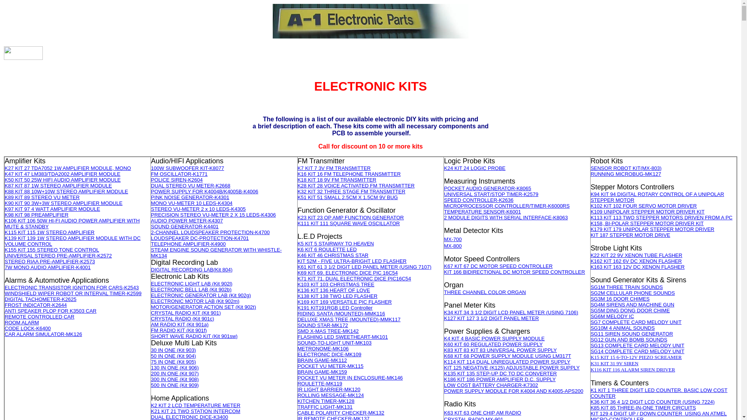  What do you see at coordinates (334, 342) in the screenshot?
I see `'SOUND-TO-LIGHT UNIT-MK103'` at bounding box center [334, 342].